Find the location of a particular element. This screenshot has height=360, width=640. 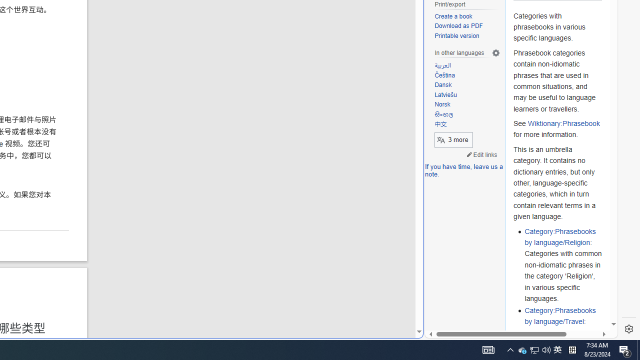

'Dansk' is located at coordinates (467, 85).